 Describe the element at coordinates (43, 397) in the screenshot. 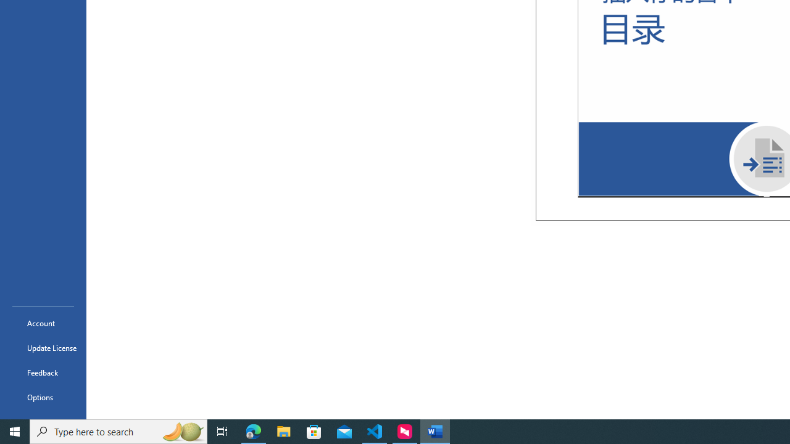

I see `'Options'` at that location.